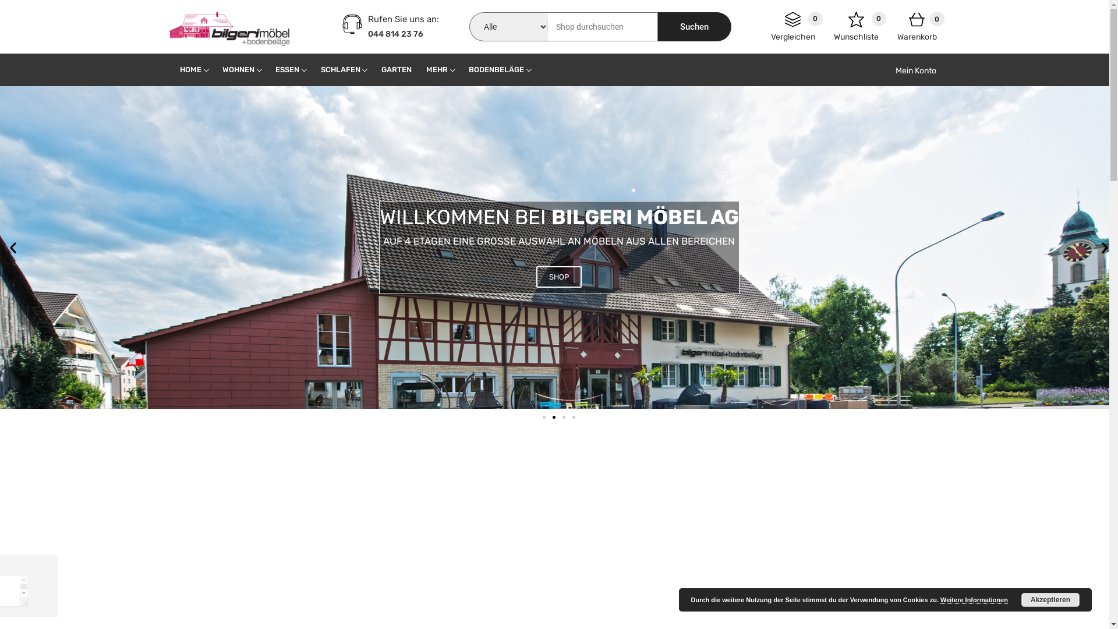 The image size is (1118, 629). What do you see at coordinates (271, 69) in the screenshot?
I see `'ESSEN'` at bounding box center [271, 69].